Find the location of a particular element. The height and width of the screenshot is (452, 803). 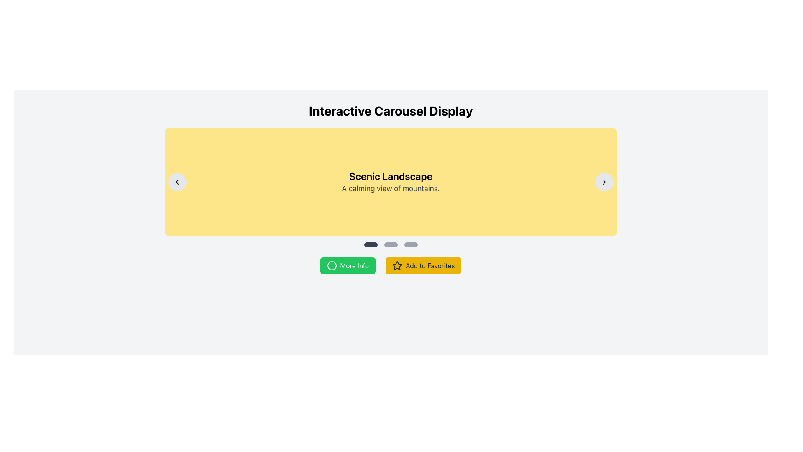

the prominently displayed static text 'Scenic Landscape' which is centrally located within a yellow-highlighted area is located at coordinates (390, 175).